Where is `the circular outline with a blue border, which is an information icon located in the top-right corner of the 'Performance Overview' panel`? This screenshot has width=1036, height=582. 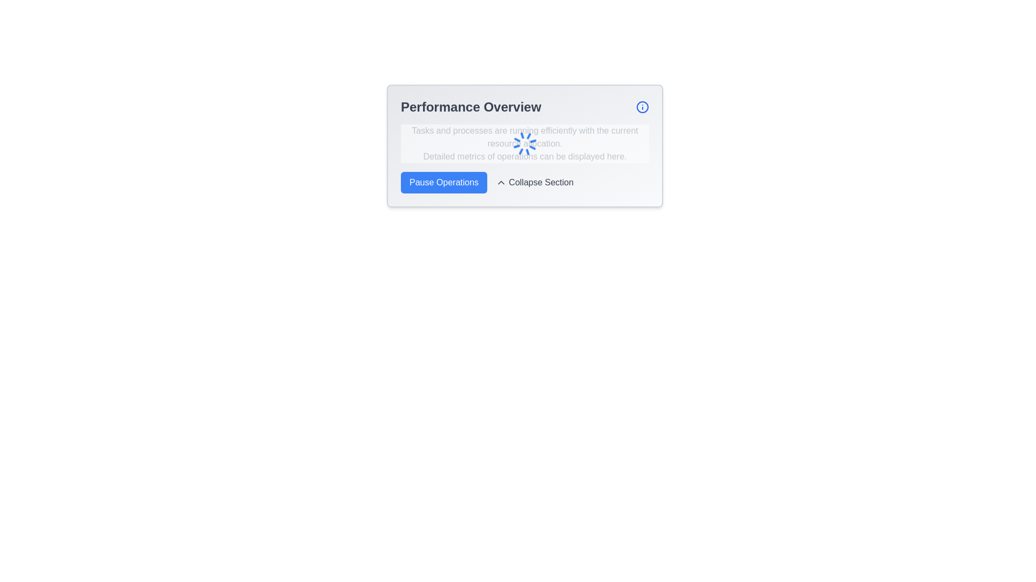 the circular outline with a blue border, which is an information icon located in the top-right corner of the 'Performance Overview' panel is located at coordinates (642, 107).